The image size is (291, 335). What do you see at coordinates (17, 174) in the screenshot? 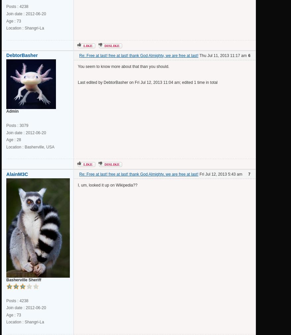
I see `'AlainM3C'` at bounding box center [17, 174].